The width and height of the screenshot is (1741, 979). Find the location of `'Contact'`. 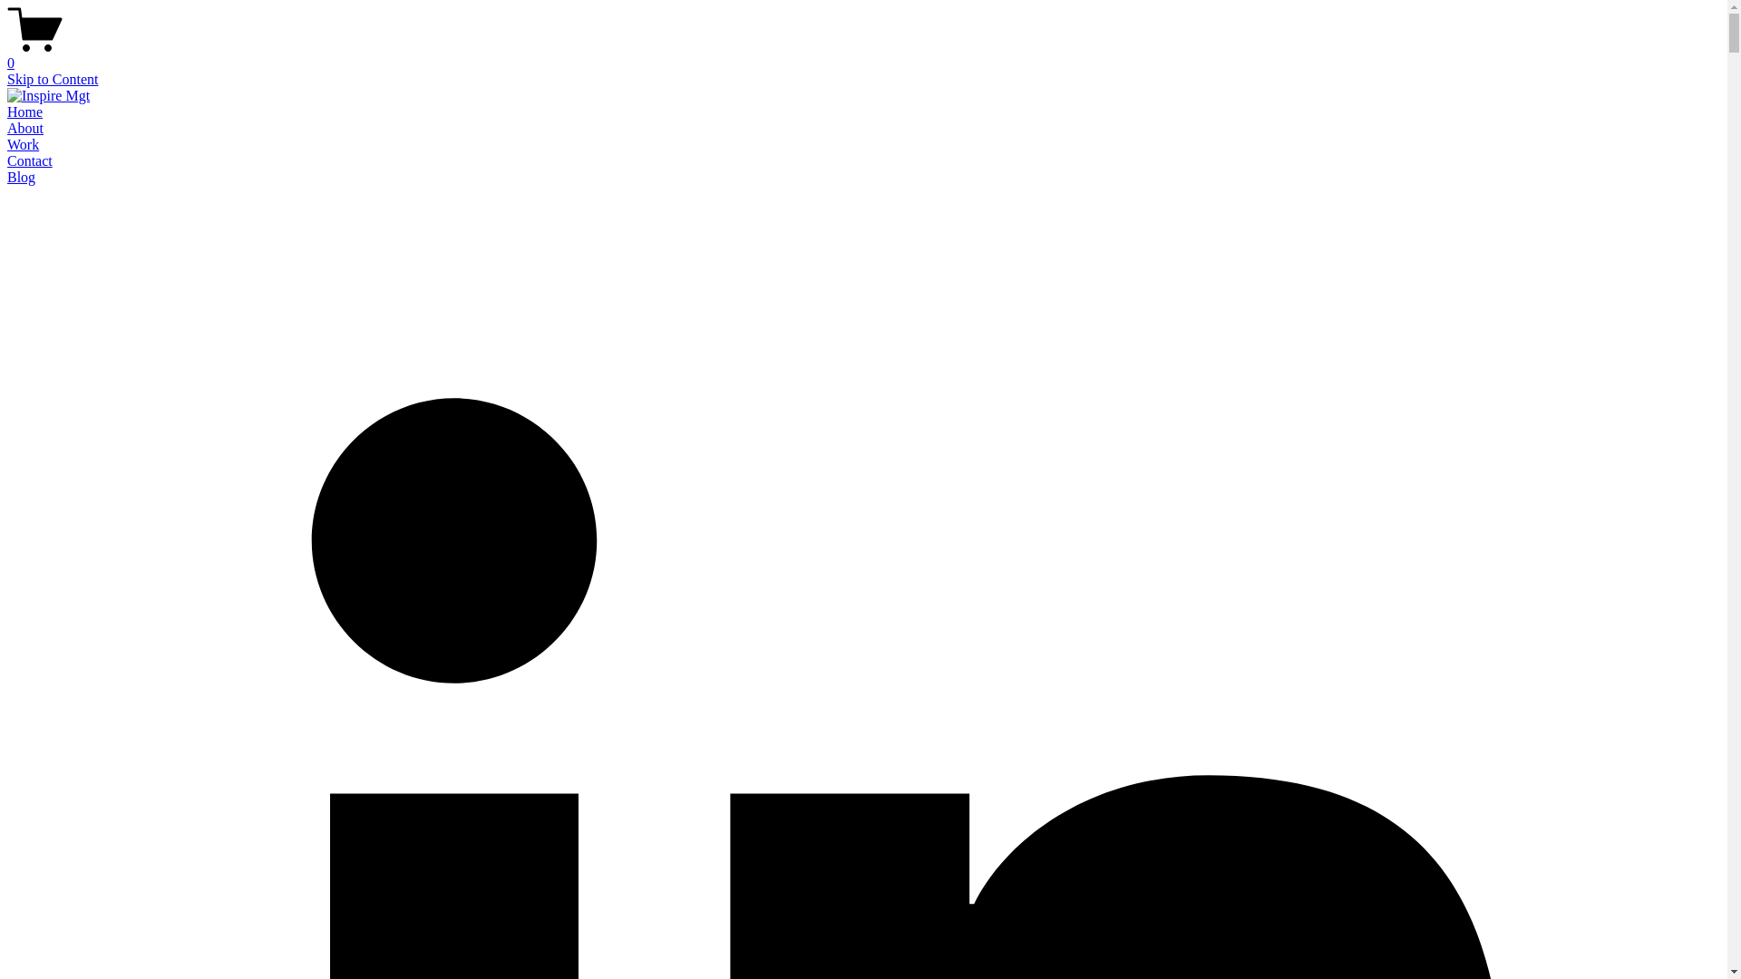

'Contact' is located at coordinates (30, 160).